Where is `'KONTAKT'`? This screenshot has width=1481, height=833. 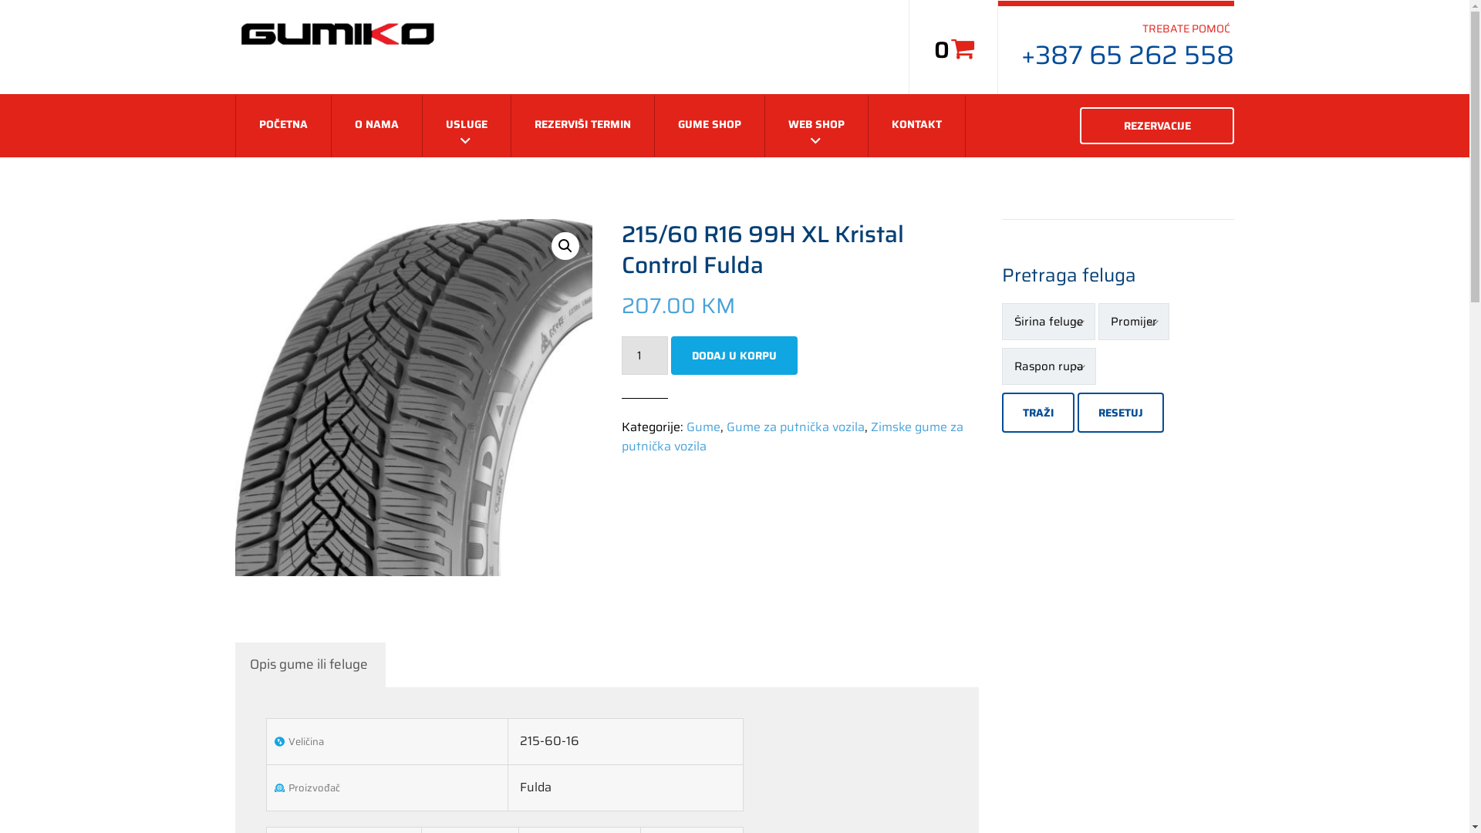
'KONTAKT' is located at coordinates (867, 124).